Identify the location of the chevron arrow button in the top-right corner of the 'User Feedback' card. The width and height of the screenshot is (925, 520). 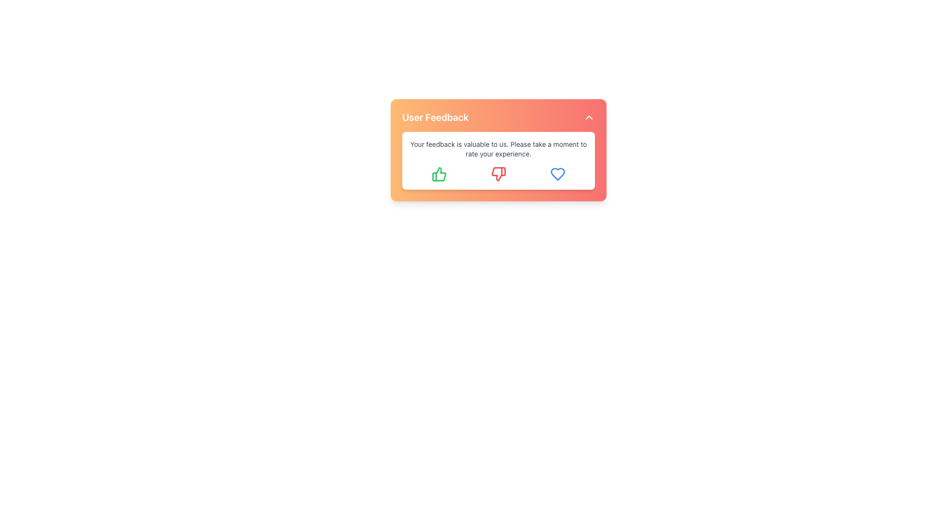
(589, 117).